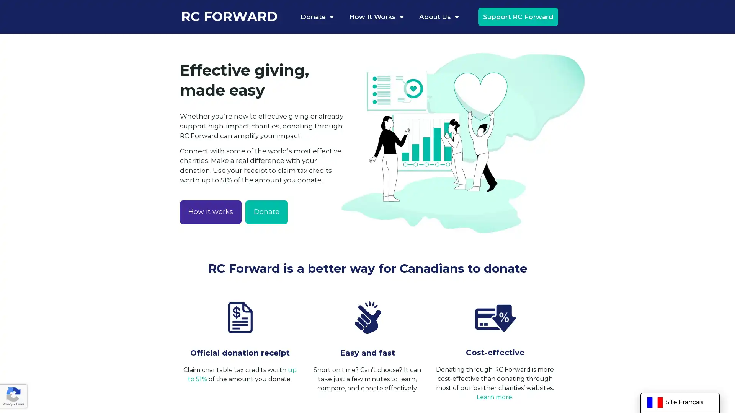 The height and width of the screenshot is (413, 735). Describe the element at coordinates (518, 16) in the screenshot. I see `Support RC Forward` at that location.